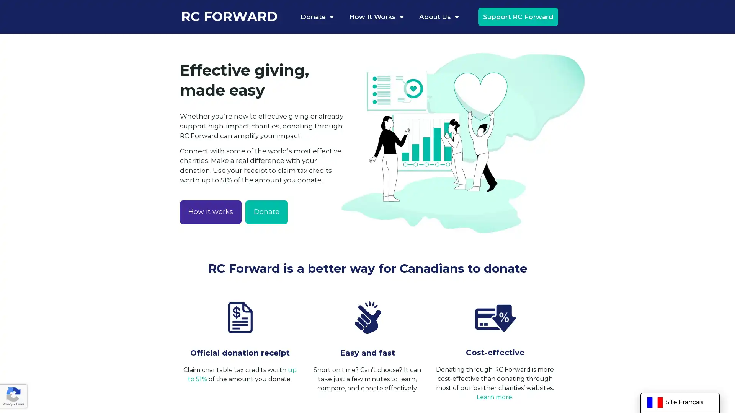 The height and width of the screenshot is (413, 735). Describe the element at coordinates (518, 16) in the screenshot. I see `Support RC Forward` at that location.